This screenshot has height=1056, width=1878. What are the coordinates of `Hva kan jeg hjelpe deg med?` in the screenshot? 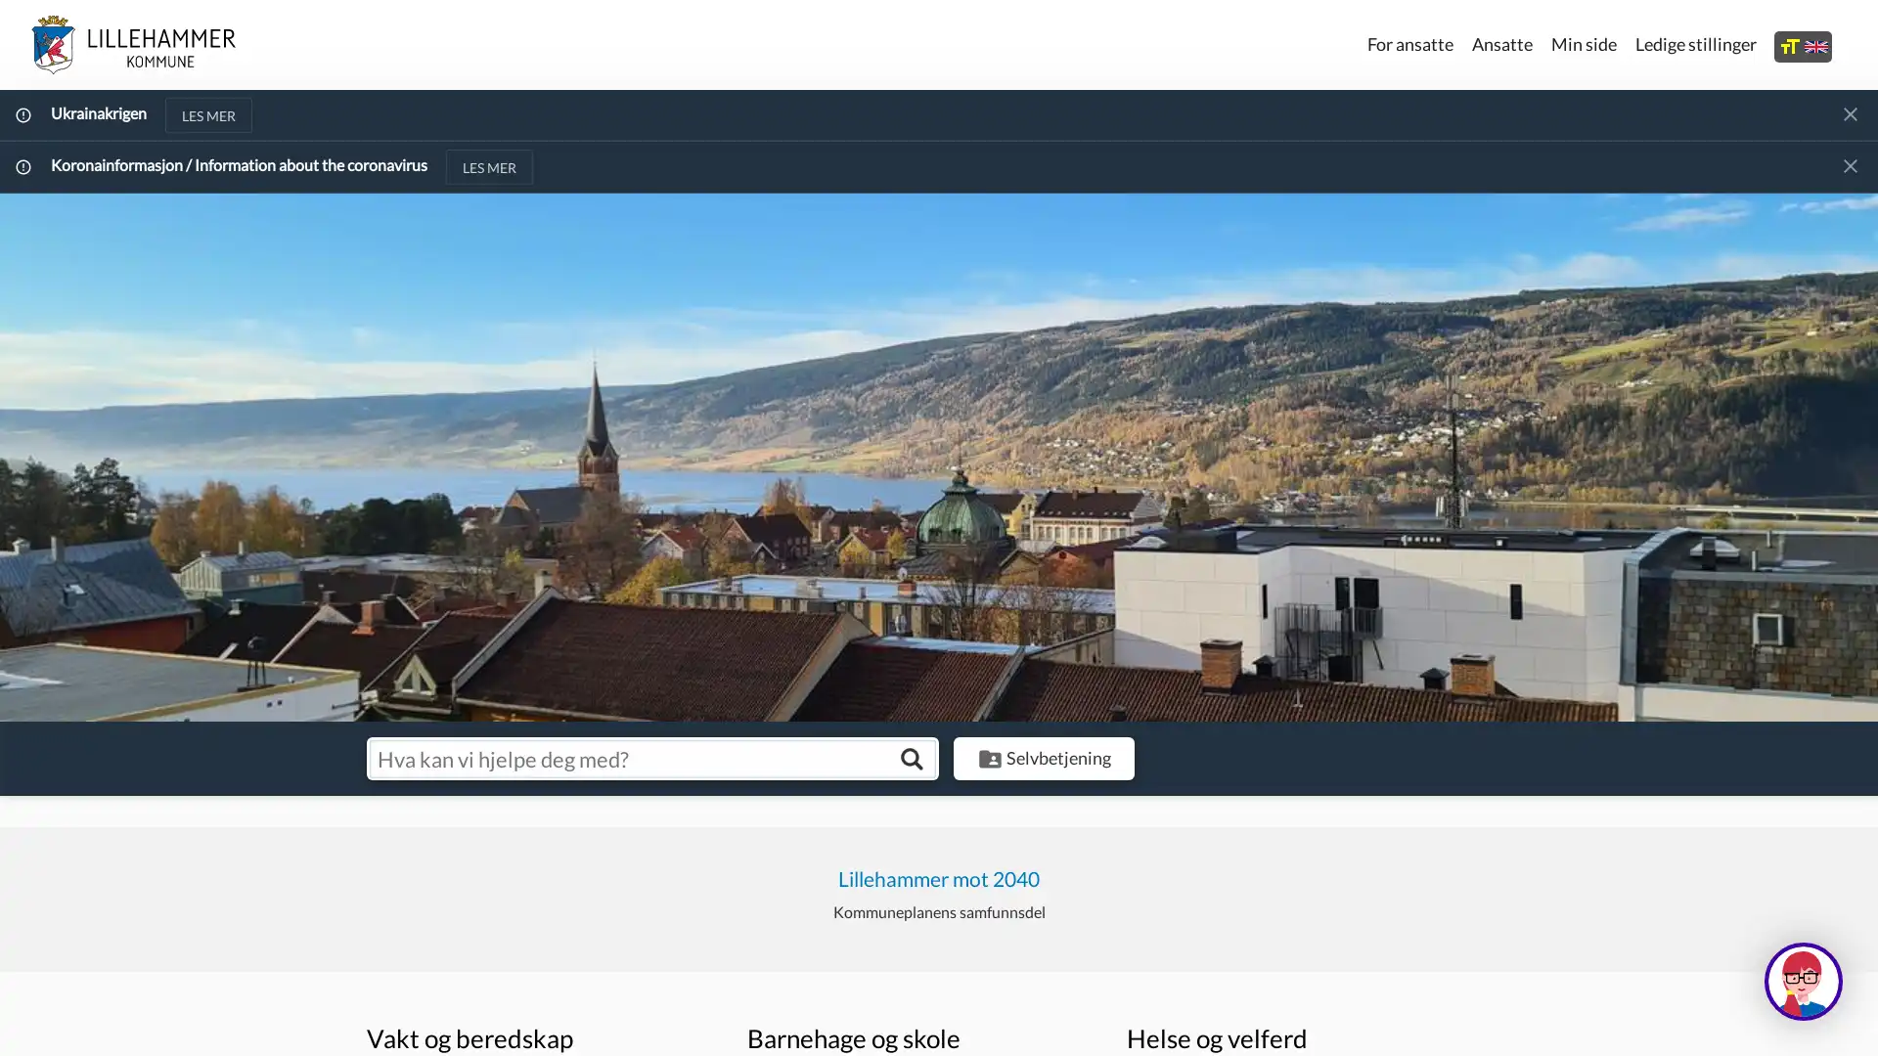 It's located at (1802, 981).